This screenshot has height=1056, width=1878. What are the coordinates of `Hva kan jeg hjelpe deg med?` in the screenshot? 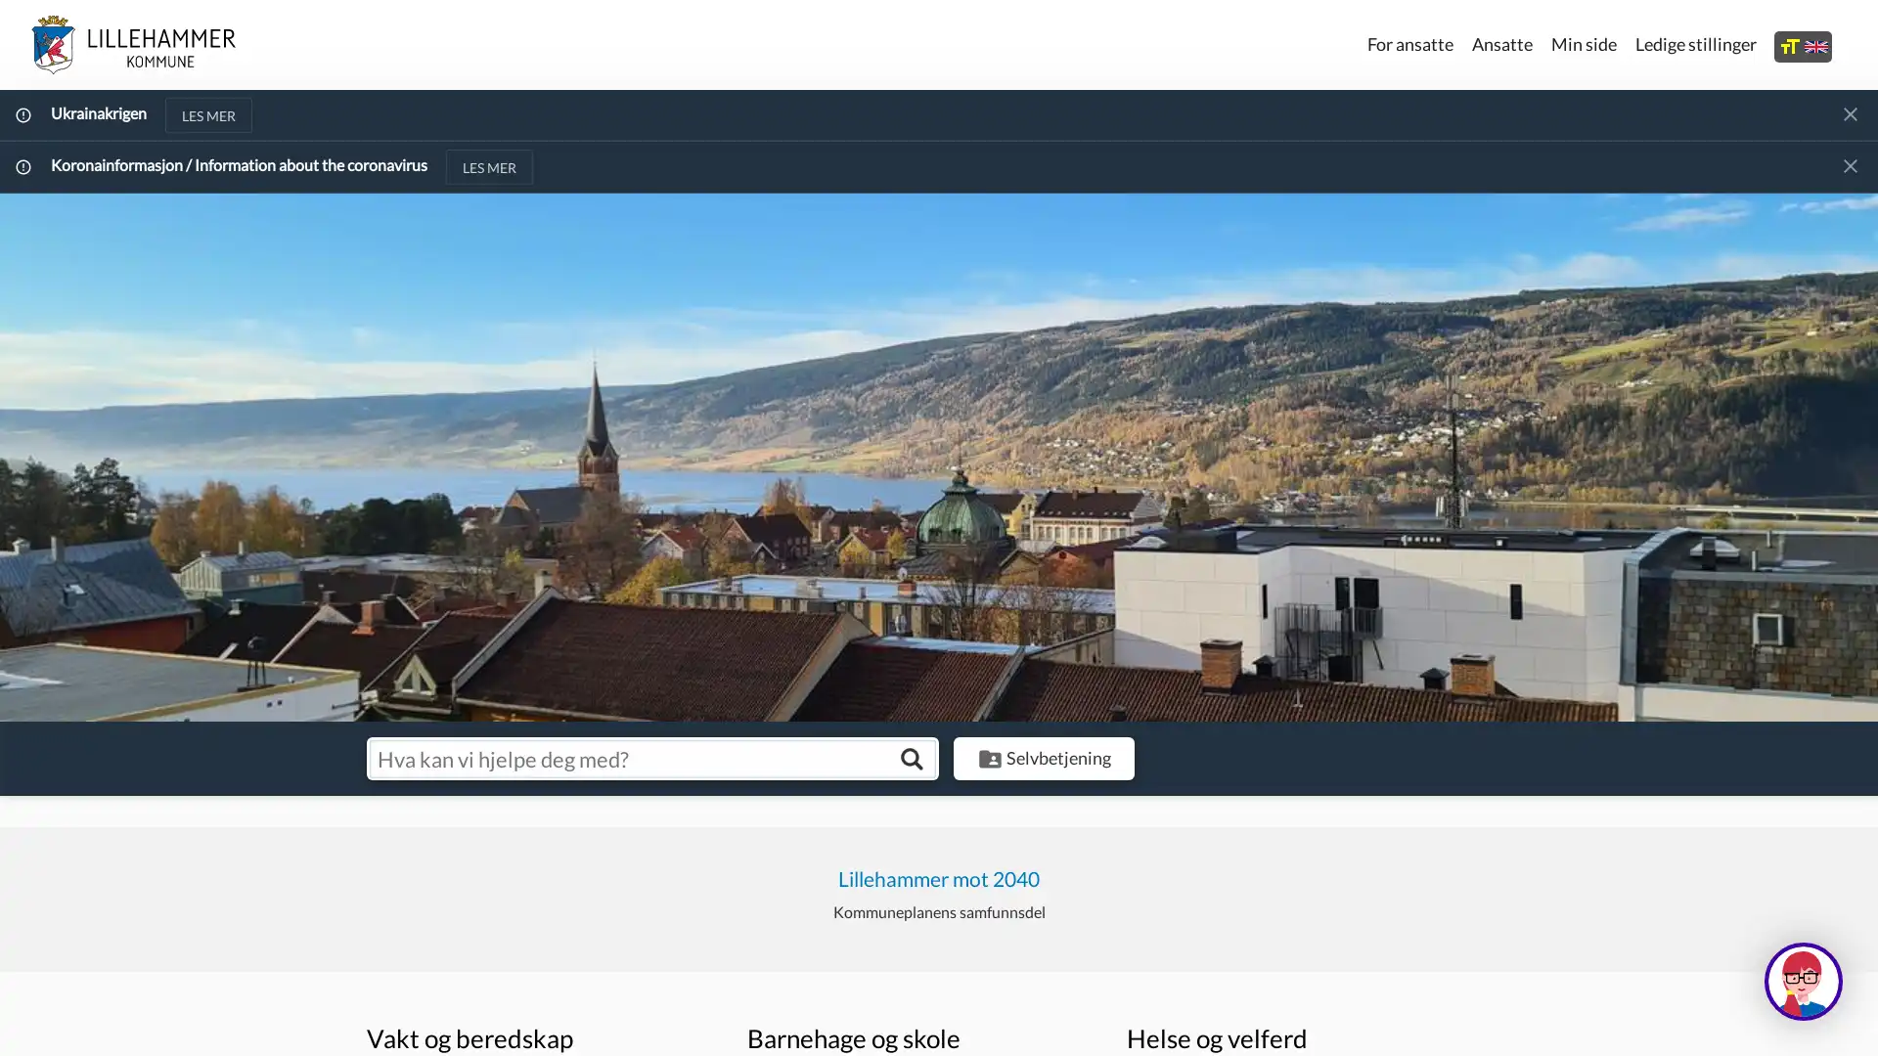 It's located at (1802, 981).